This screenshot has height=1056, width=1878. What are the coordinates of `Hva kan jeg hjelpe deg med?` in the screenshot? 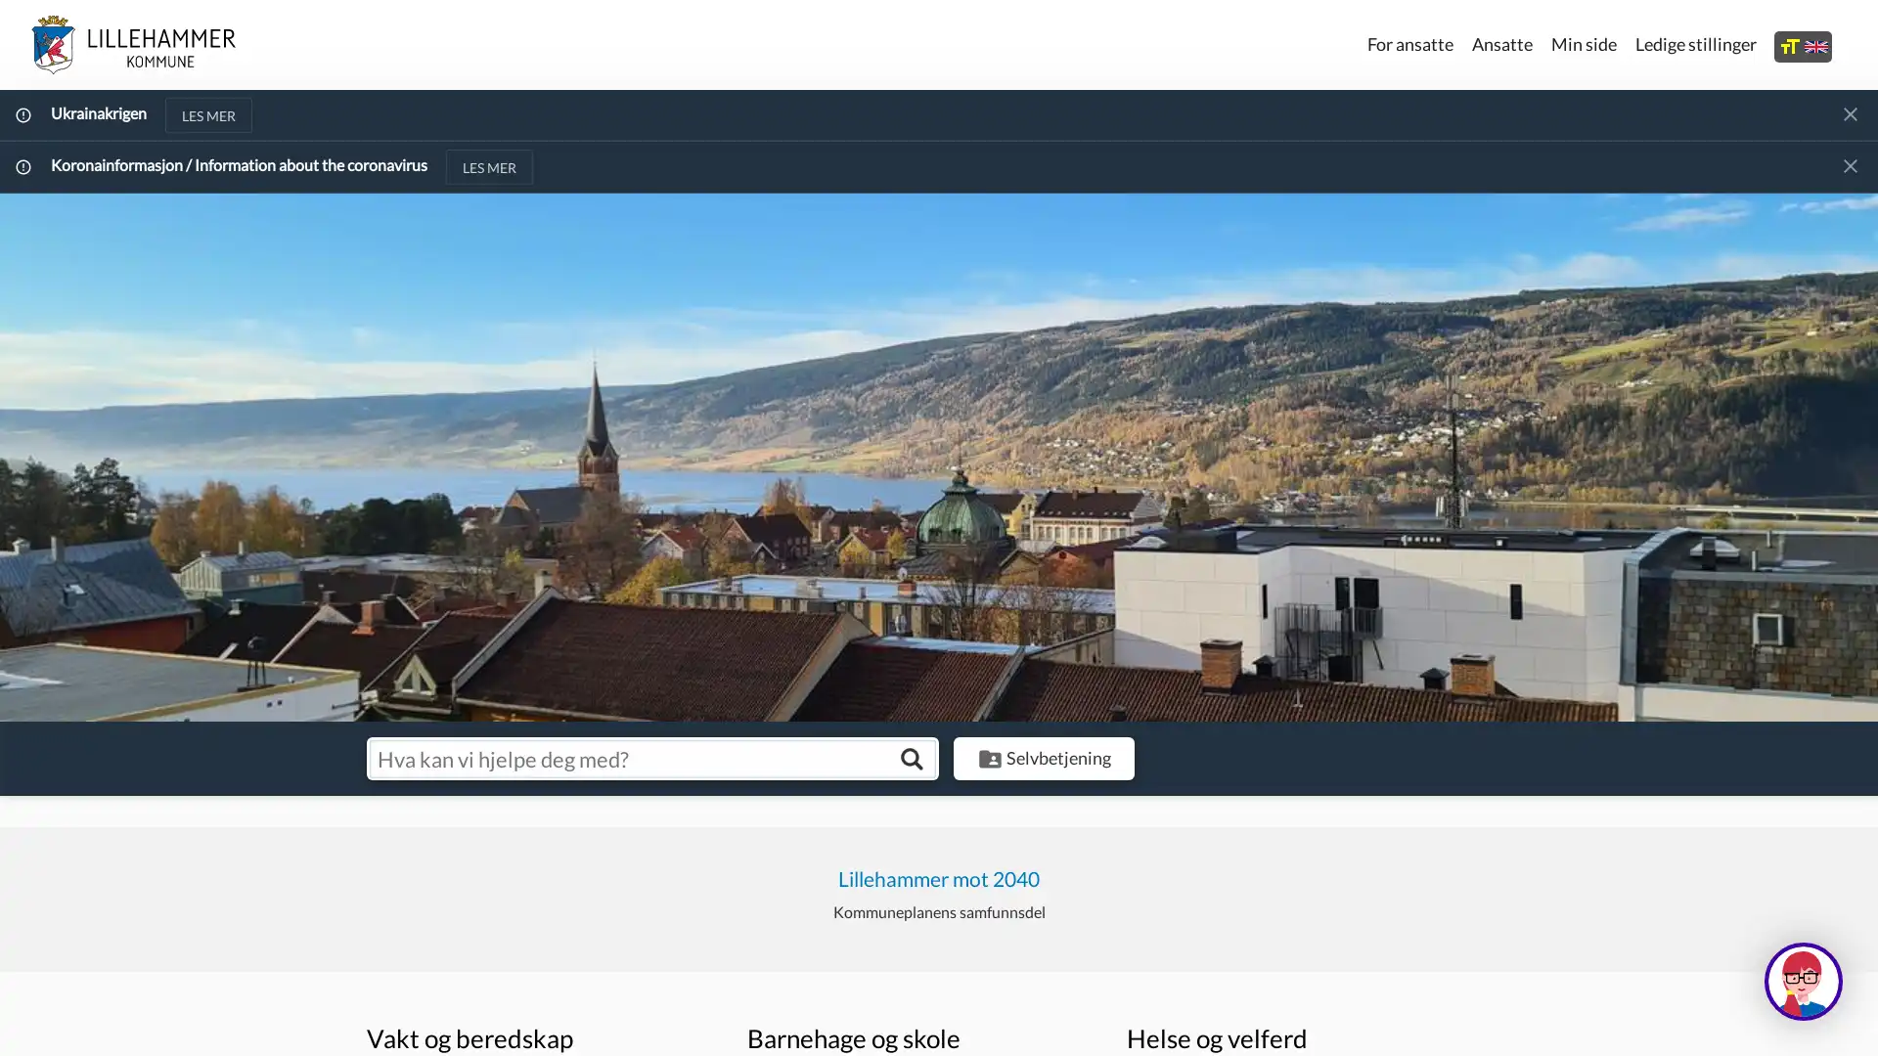 It's located at (1802, 981).